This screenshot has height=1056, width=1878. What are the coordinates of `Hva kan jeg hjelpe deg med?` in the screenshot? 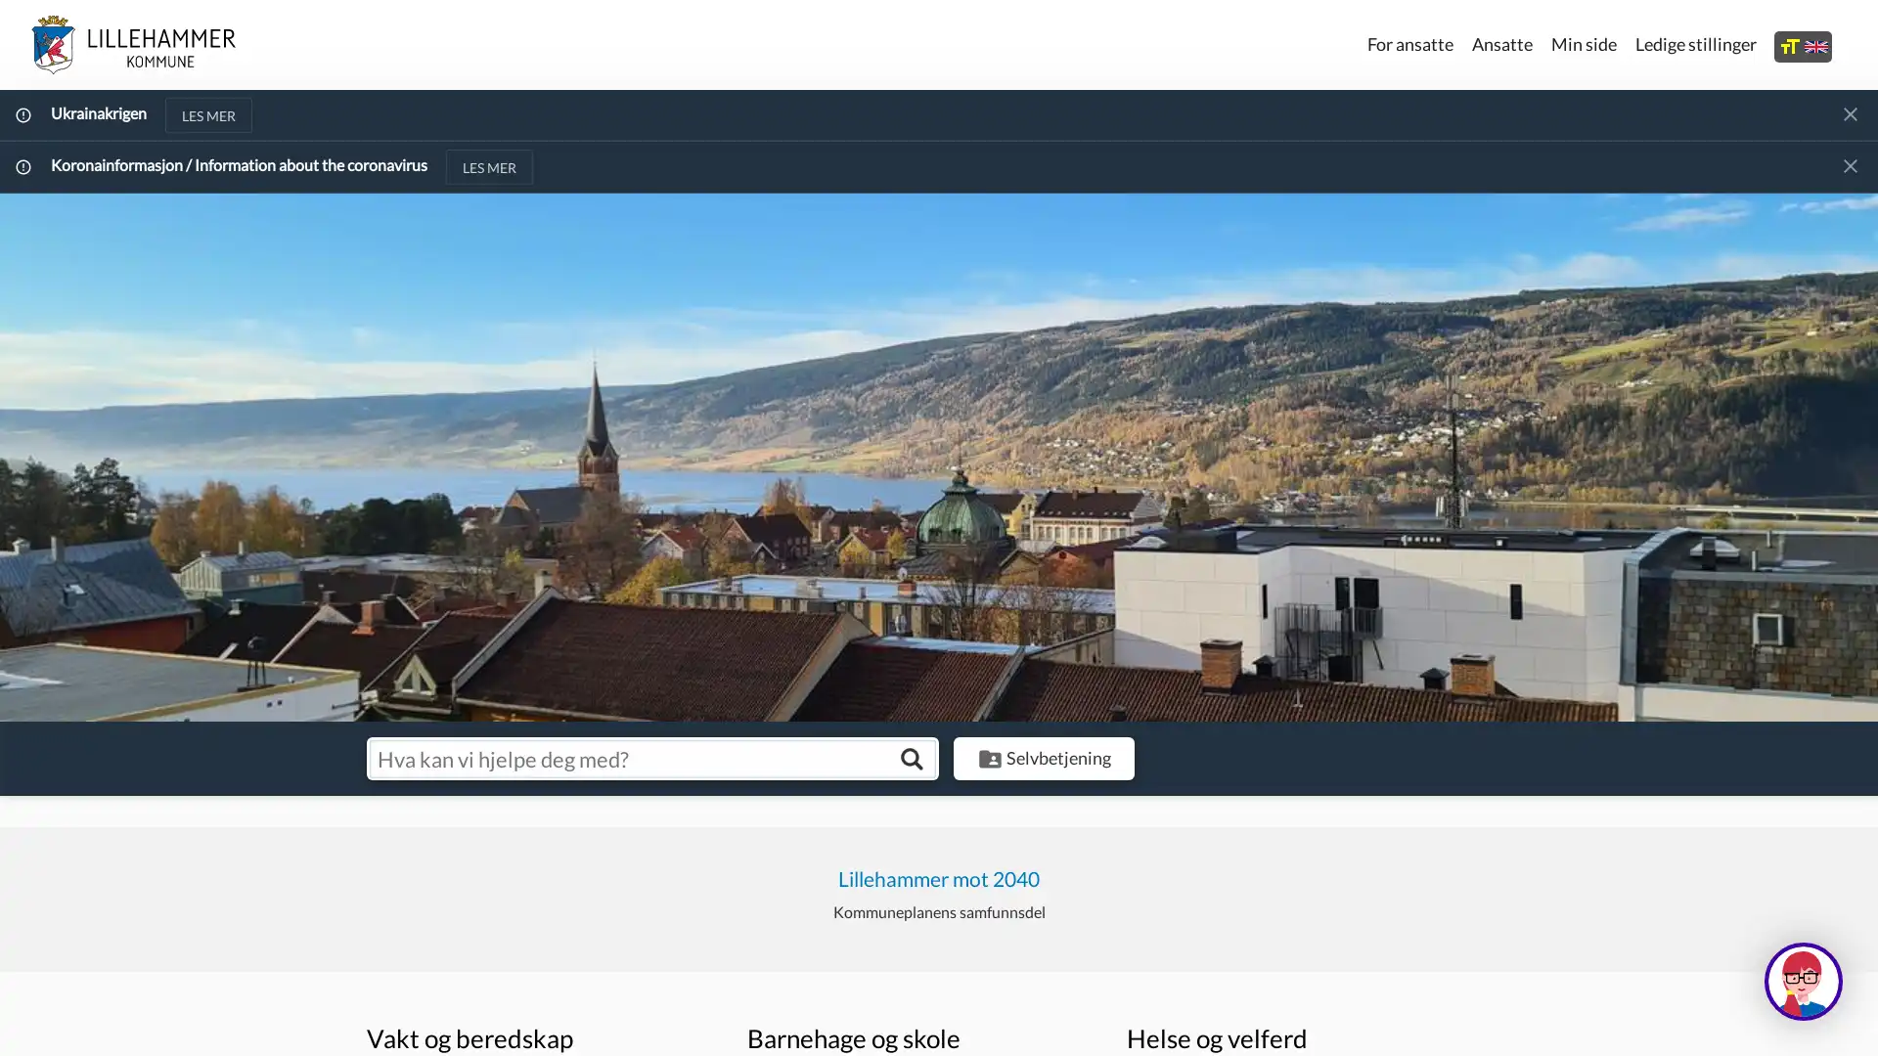 It's located at (1802, 981).